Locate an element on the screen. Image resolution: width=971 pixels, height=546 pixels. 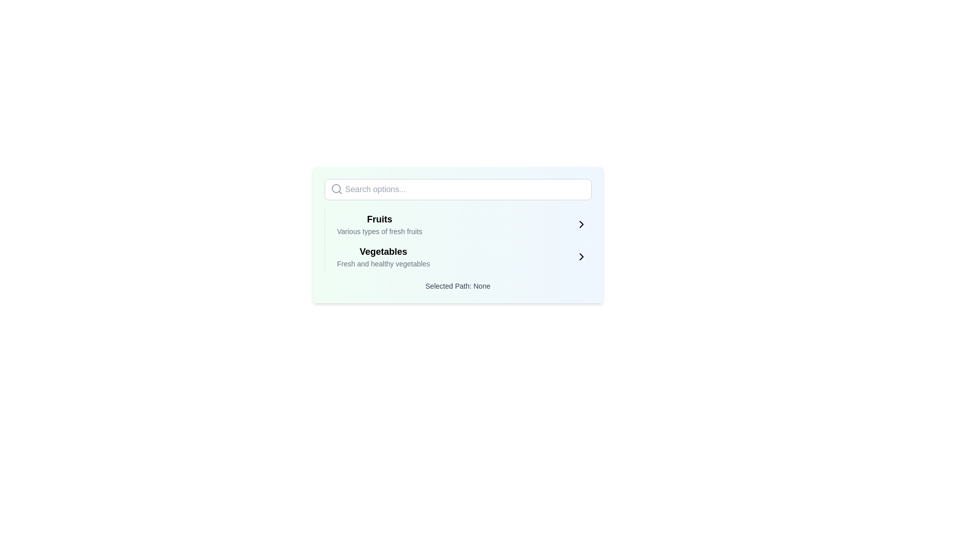
the Text label (Header type) that indicates the section focused on vegetables, located beneath the 'Fruits' section and above the descriptive text 'Fresh and healthy vegetables' is located at coordinates (383, 251).